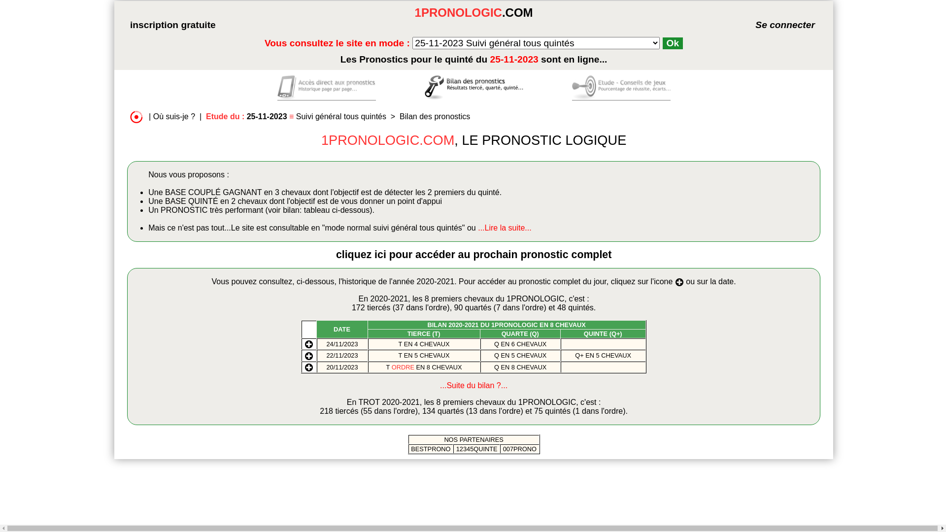 The image size is (946, 532). I want to click on ' 007PRONO ', so click(519, 449).